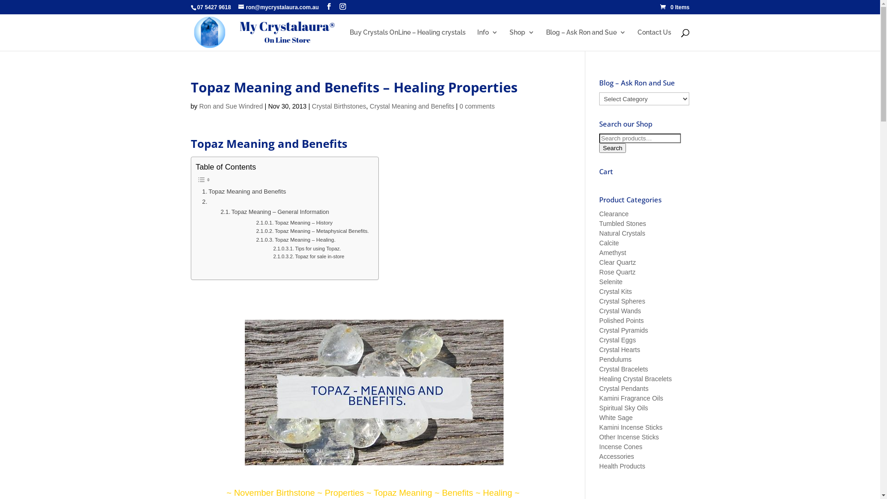  I want to click on 'Crystal Spheres', so click(622, 301).